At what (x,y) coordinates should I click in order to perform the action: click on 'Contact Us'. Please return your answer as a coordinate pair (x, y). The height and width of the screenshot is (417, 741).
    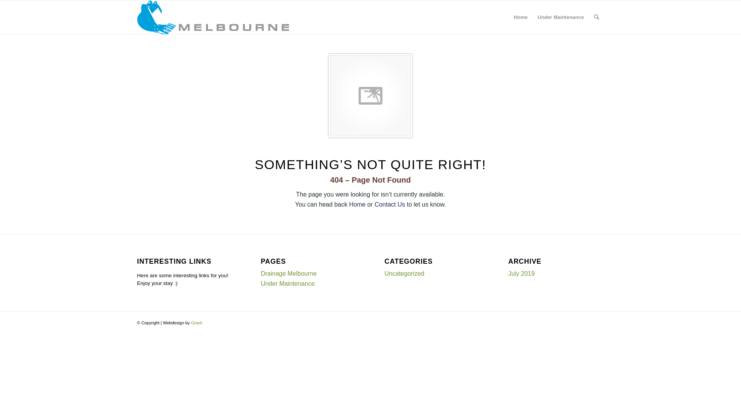
    Looking at the image, I should click on (389, 204).